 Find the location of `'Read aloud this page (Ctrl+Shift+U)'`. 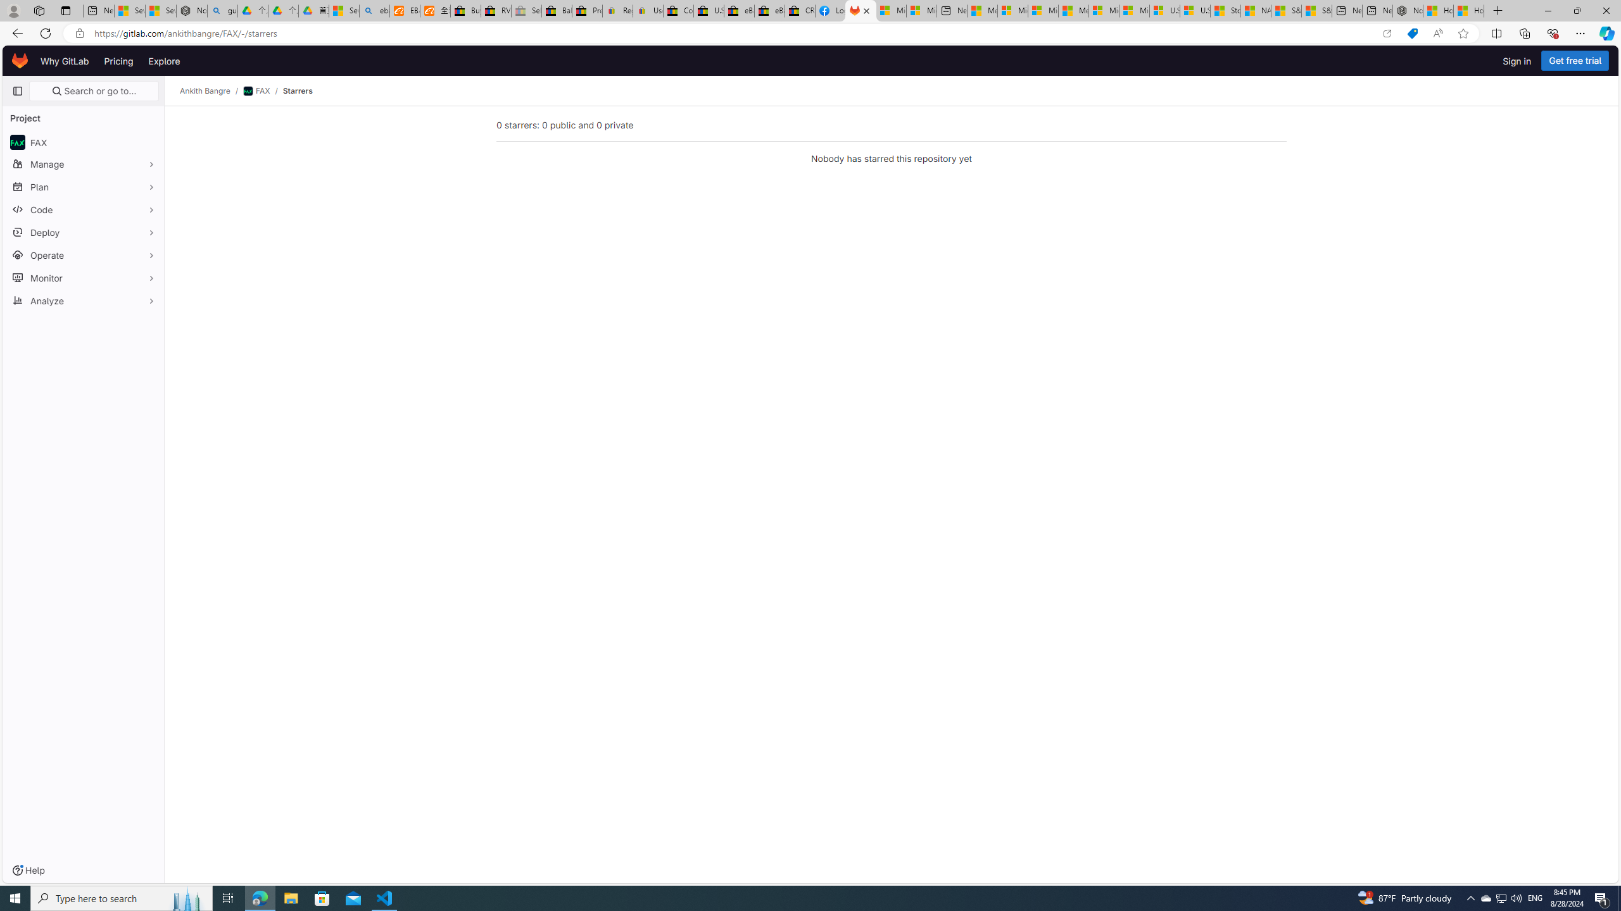

'Read aloud this page (Ctrl+Shift+U)' is located at coordinates (1437, 34).